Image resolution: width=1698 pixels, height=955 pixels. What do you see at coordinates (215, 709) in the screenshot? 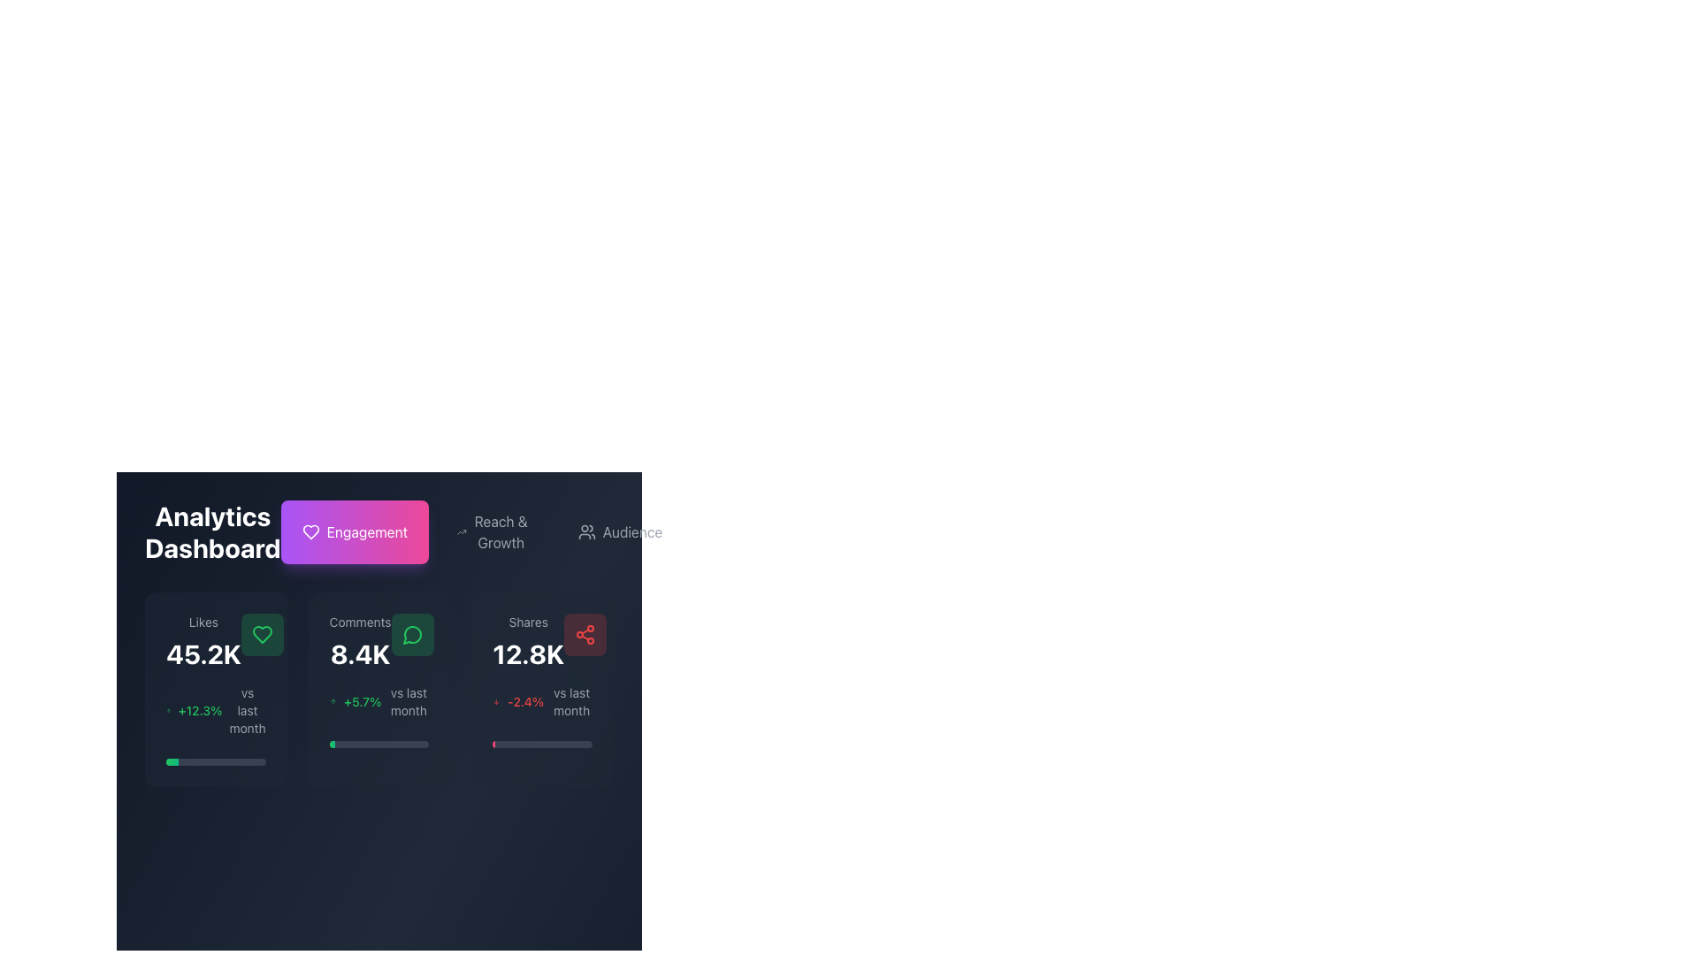
I see `the green percentage indicator showing a positive change of '+12.3%' in the 'Likes' section of the analytics dashboard to interact with additional details` at bounding box center [215, 709].